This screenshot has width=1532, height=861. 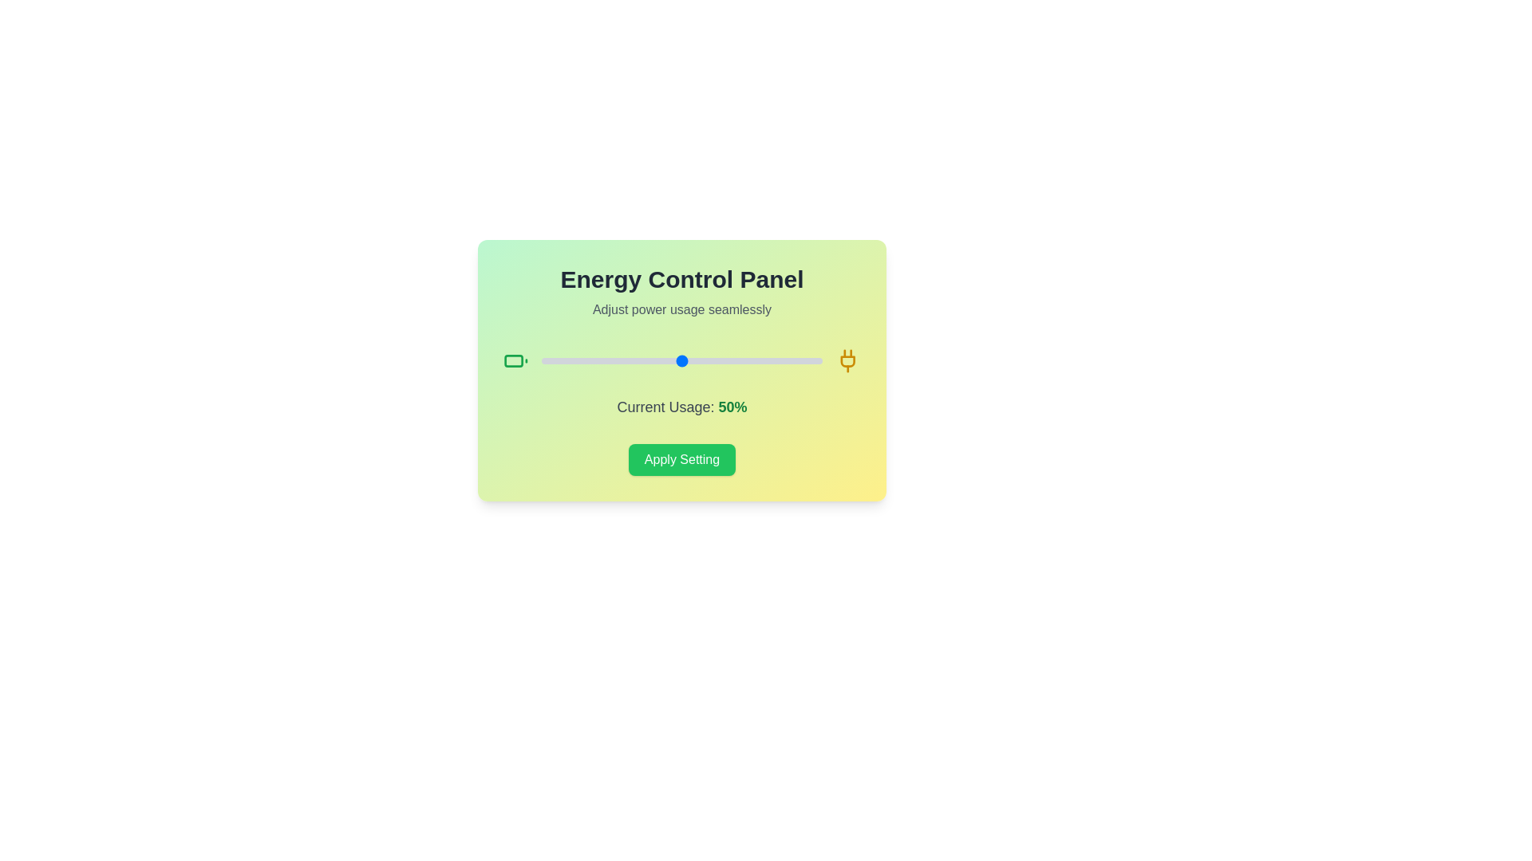 I want to click on the button that applies the configured settings, so click(x=681, y=460).